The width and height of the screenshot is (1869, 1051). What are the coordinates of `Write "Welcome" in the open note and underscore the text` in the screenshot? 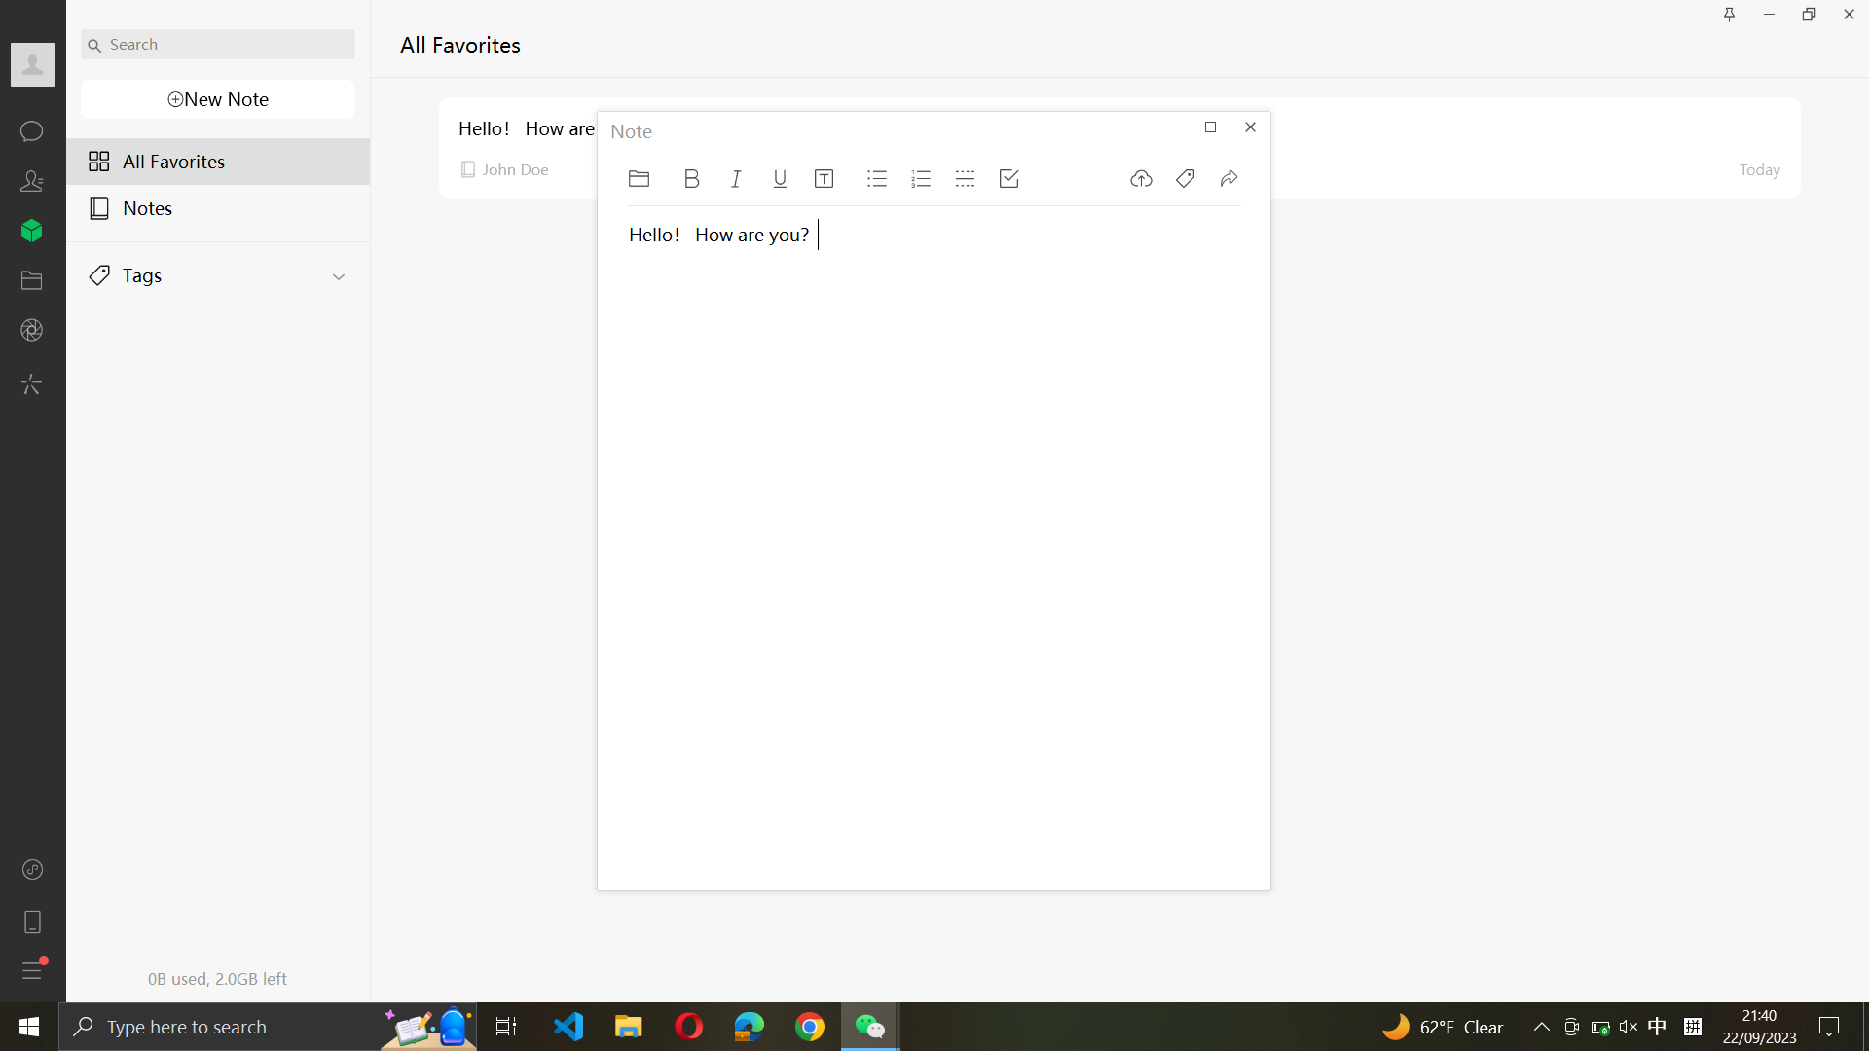 It's located at (708, 569).